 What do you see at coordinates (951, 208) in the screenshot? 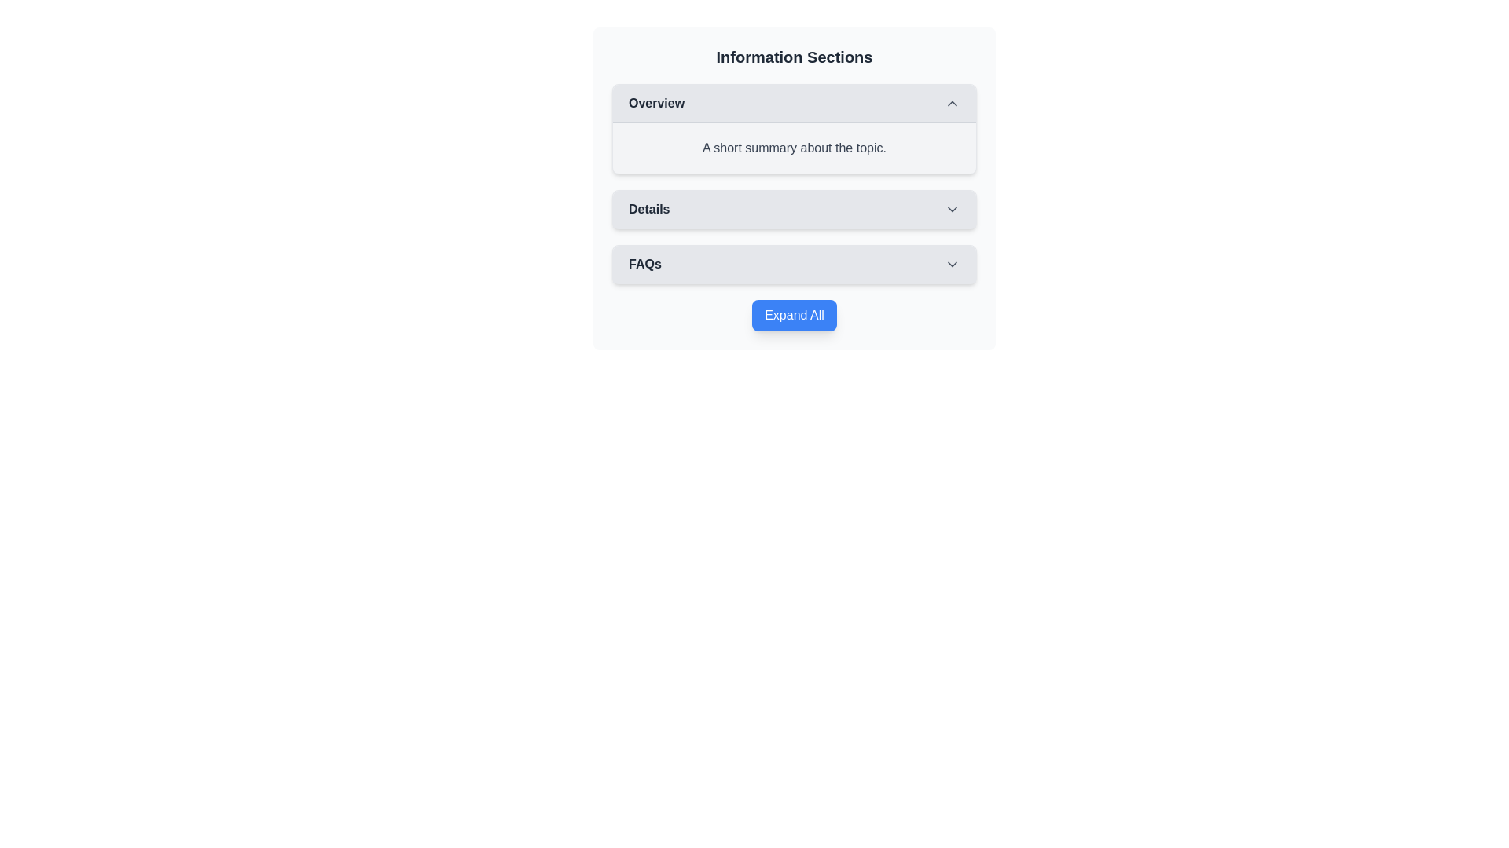
I see `the downward-facing chevron icon in the light-gray header section labeled 'Details'` at bounding box center [951, 208].